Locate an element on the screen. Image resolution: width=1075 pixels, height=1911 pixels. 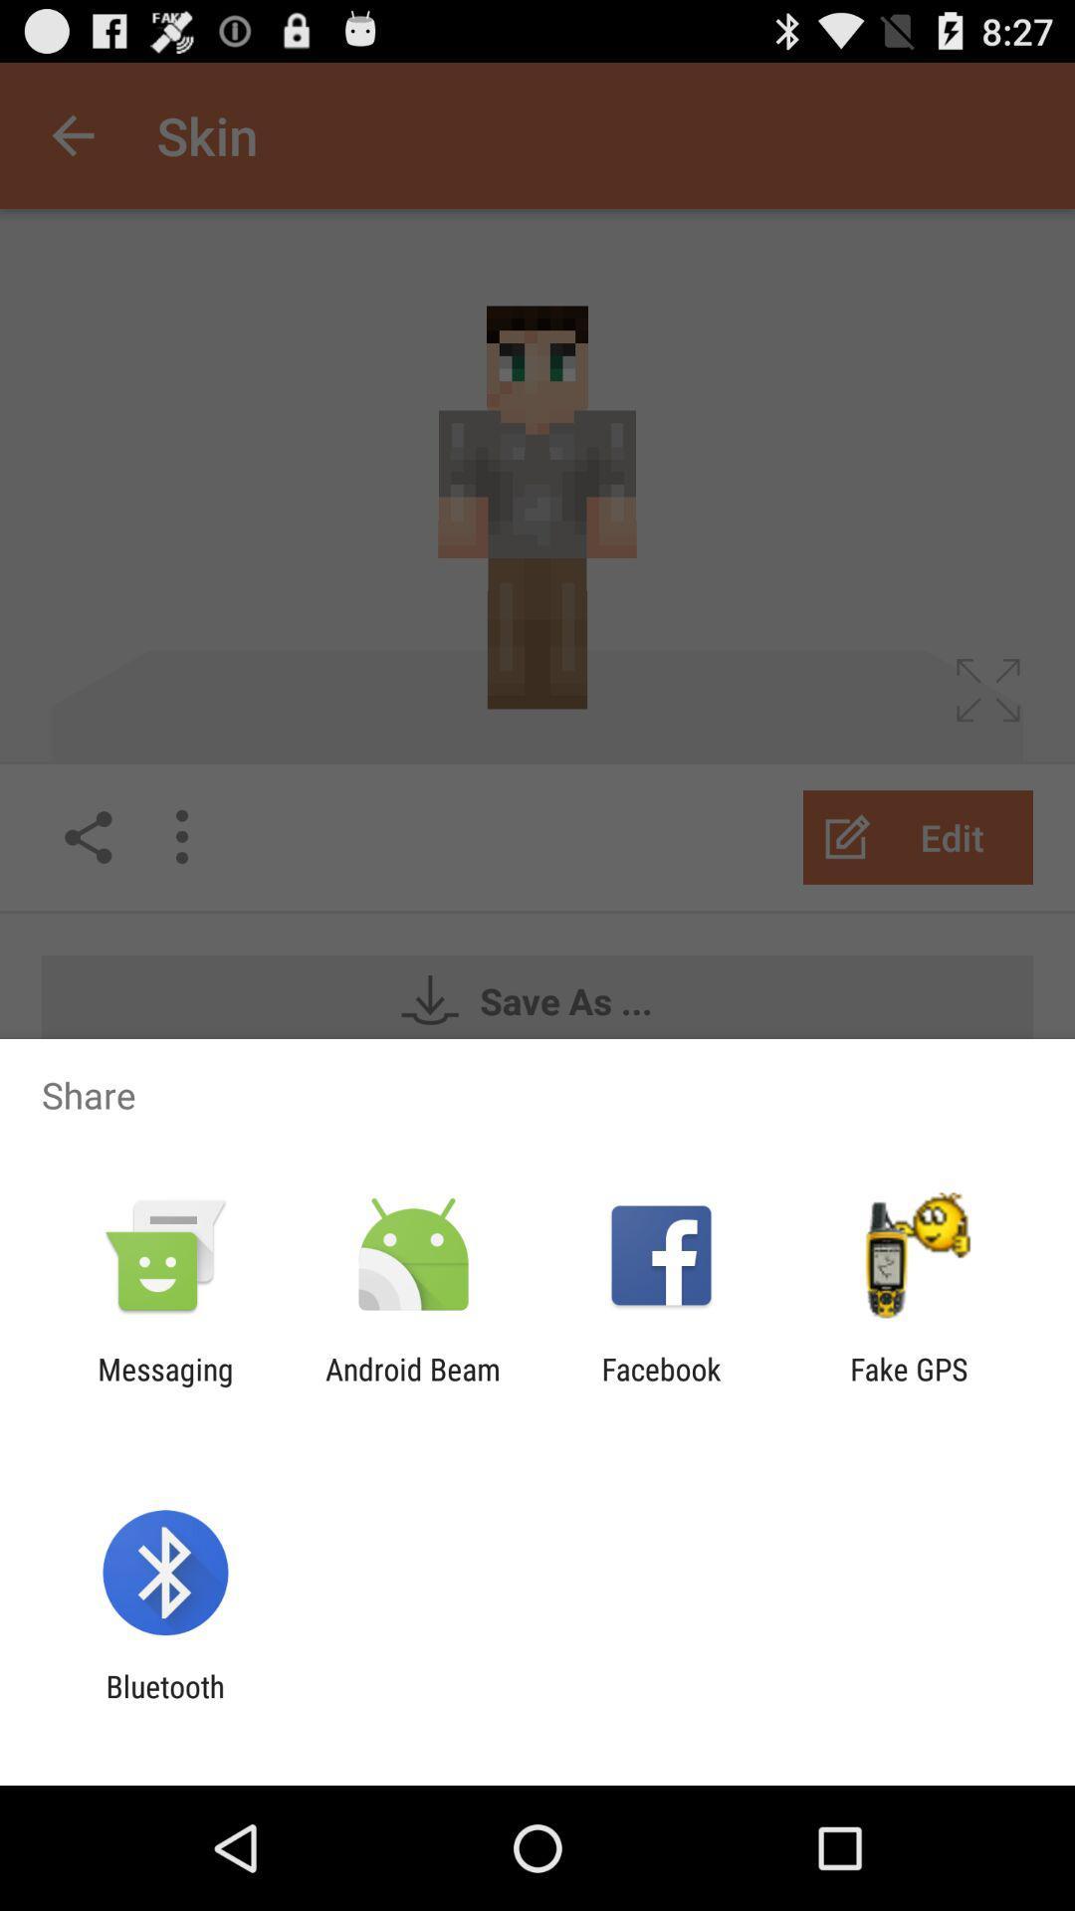
the icon to the right of messaging is located at coordinates (412, 1385).